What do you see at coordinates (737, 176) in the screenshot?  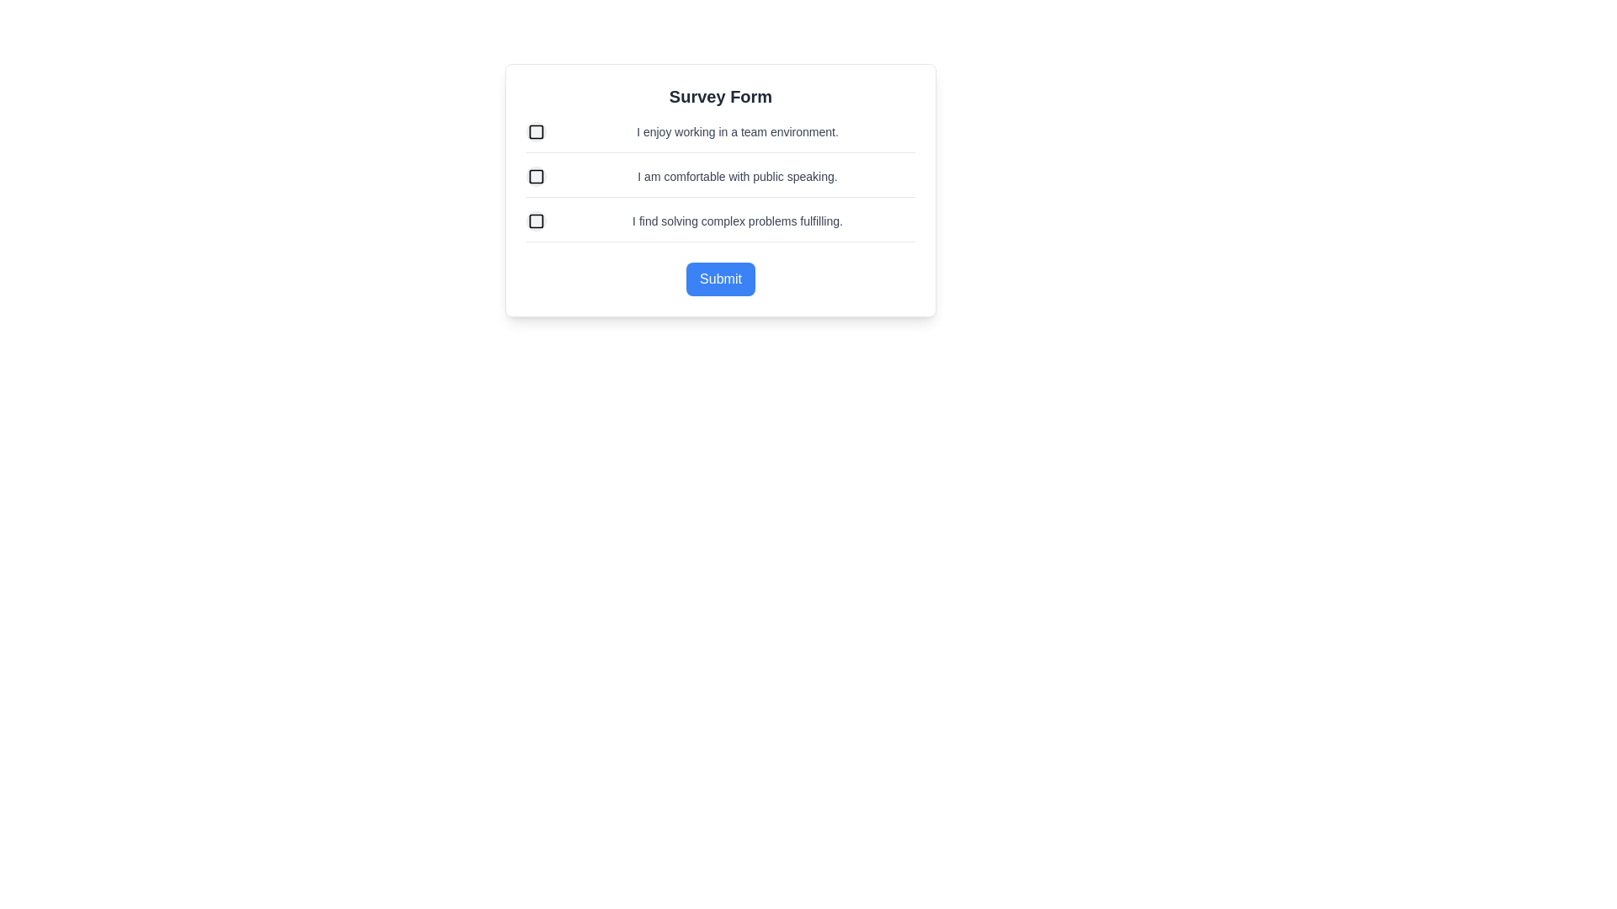 I see `text label located to the right of the checkbox in the middle of the survey form interface, which is the second item in a vertical list of statements` at bounding box center [737, 176].